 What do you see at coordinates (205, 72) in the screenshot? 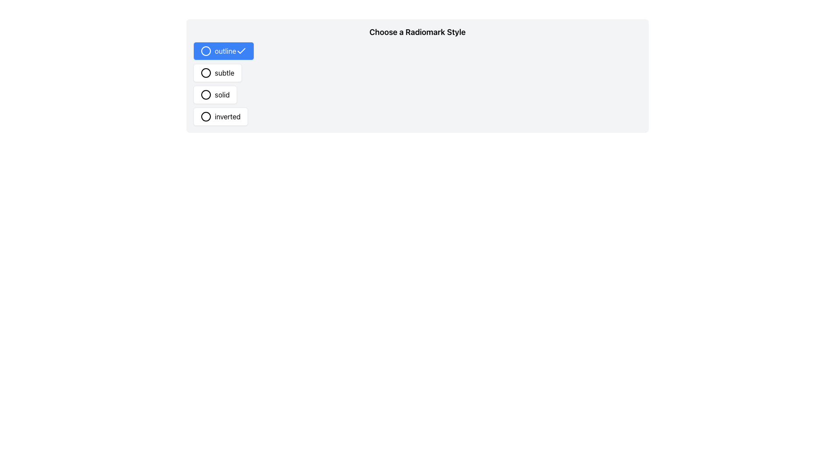
I see `the SVG circle element of the radio button labeled 'subtle', which is part of a vertical list of options` at bounding box center [205, 72].